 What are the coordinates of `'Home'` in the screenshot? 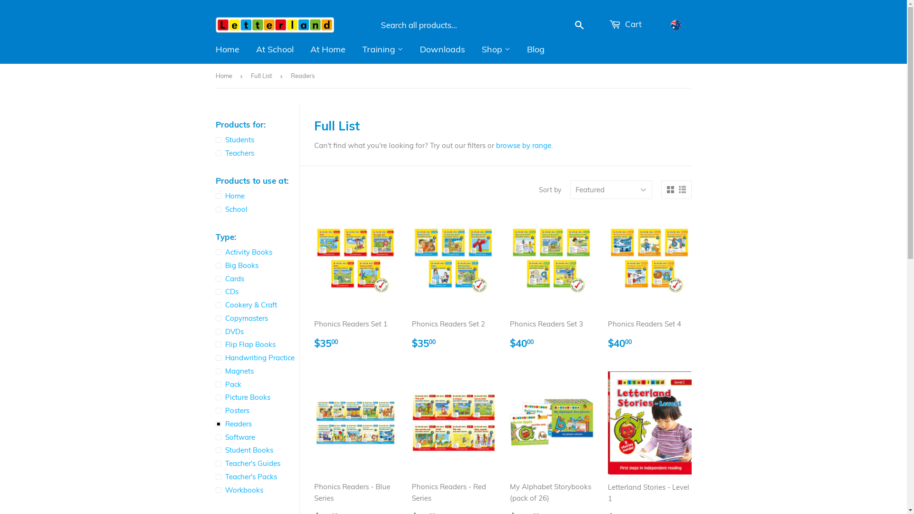 It's located at (225, 75).